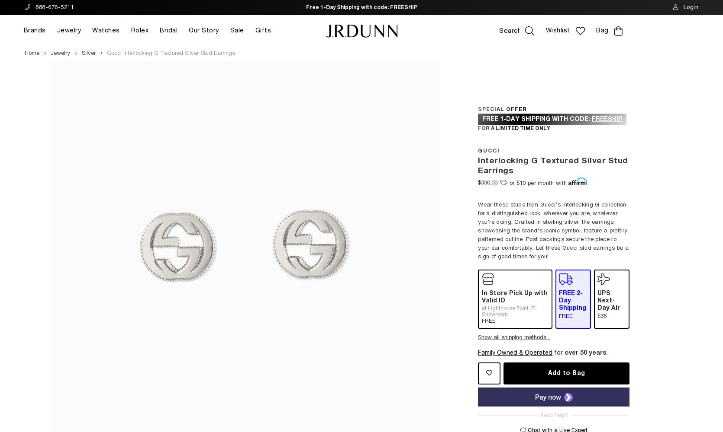 The height and width of the screenshot is (432, 723). Describe the element at coordinates (602, 30) in the screenshot. I see `'Bag'` at that location.